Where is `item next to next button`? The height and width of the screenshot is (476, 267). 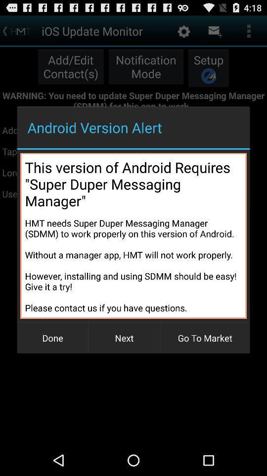
item next to next button is located at coordinates (204, 338).